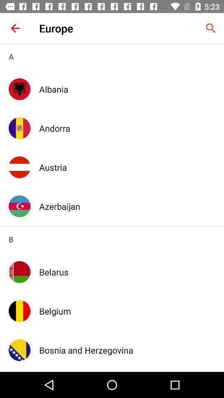 Image resolution: width=224 pixels, height=398 pixels. I want to click on the app above belgium app, so click(127, 272).